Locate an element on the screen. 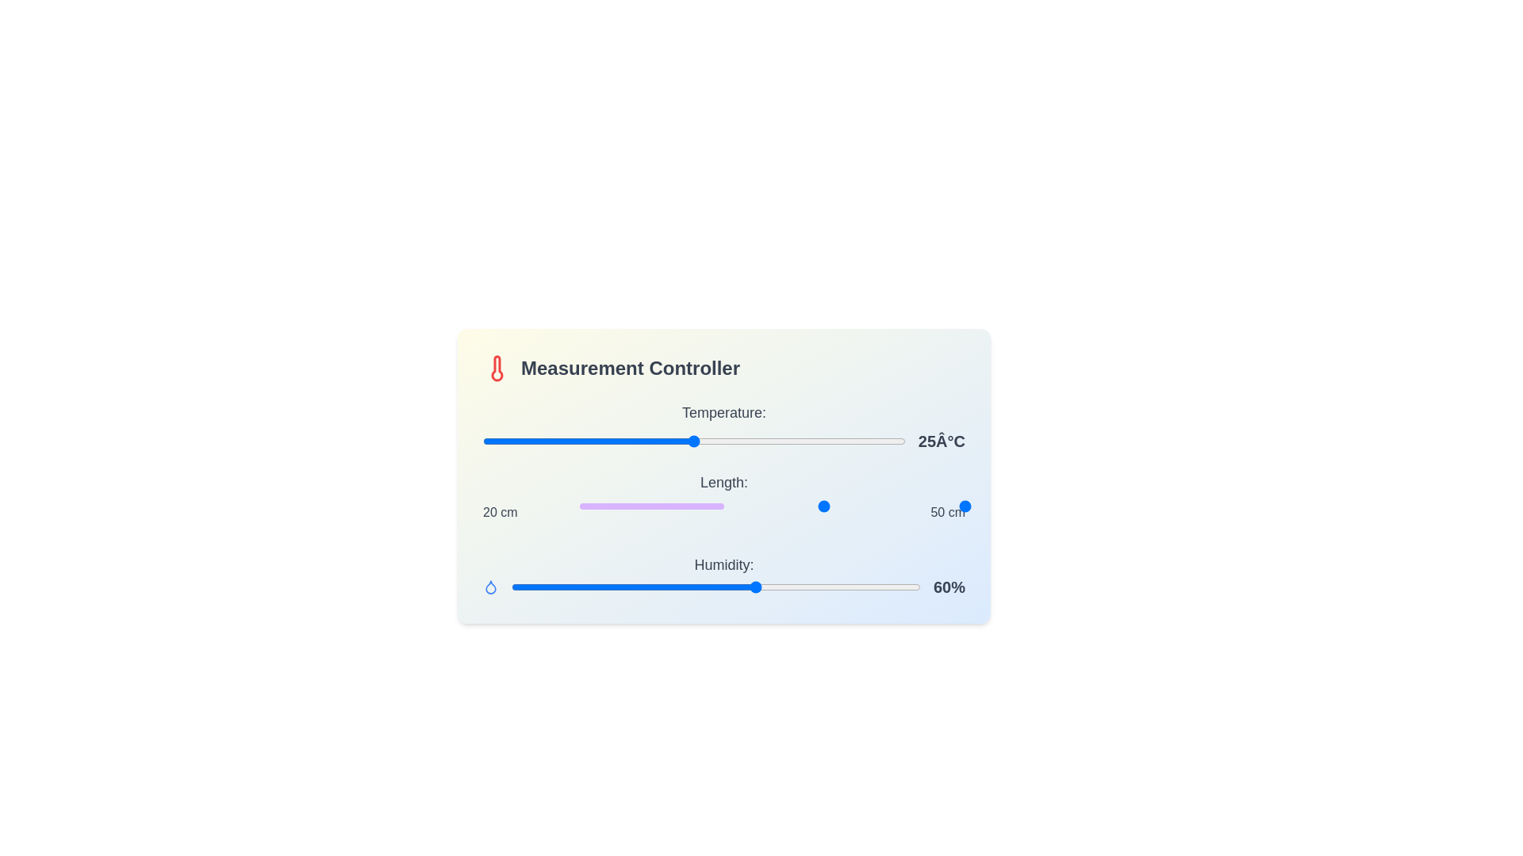 The image size is (1523, 856). the temperature is located at coordinates (735, 441).